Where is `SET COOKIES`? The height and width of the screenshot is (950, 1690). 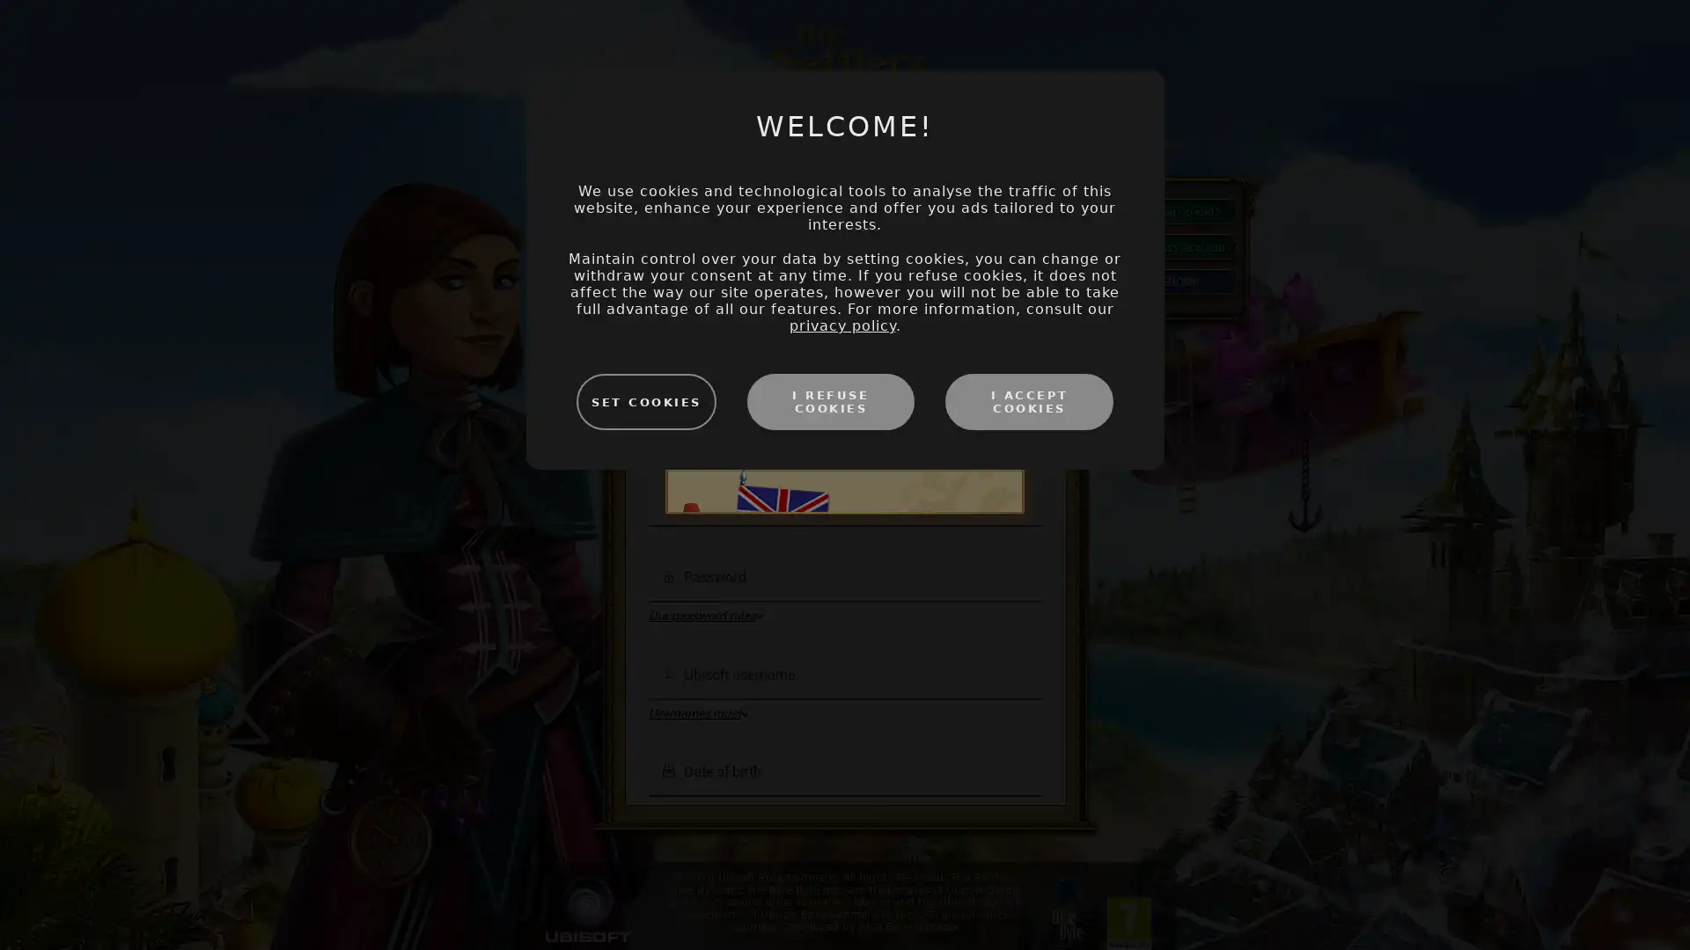
SET COOKIES is located at coordinates (645, 401).